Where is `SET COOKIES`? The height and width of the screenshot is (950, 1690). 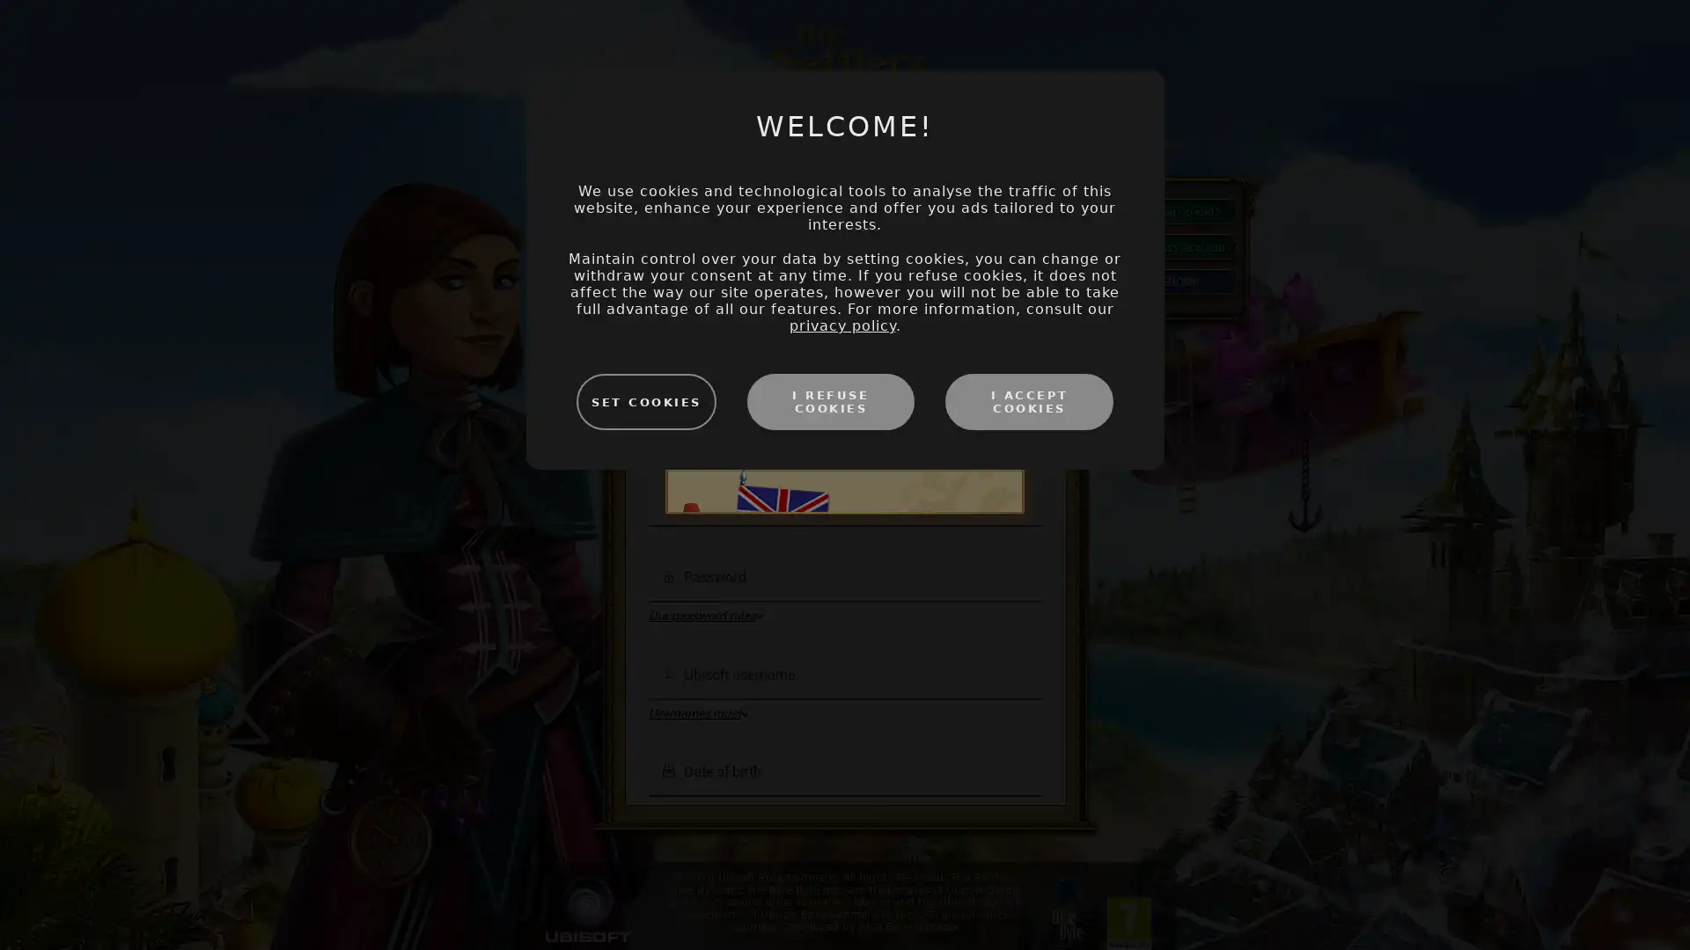
SET COOKIES is located at coordinates (645, 401).